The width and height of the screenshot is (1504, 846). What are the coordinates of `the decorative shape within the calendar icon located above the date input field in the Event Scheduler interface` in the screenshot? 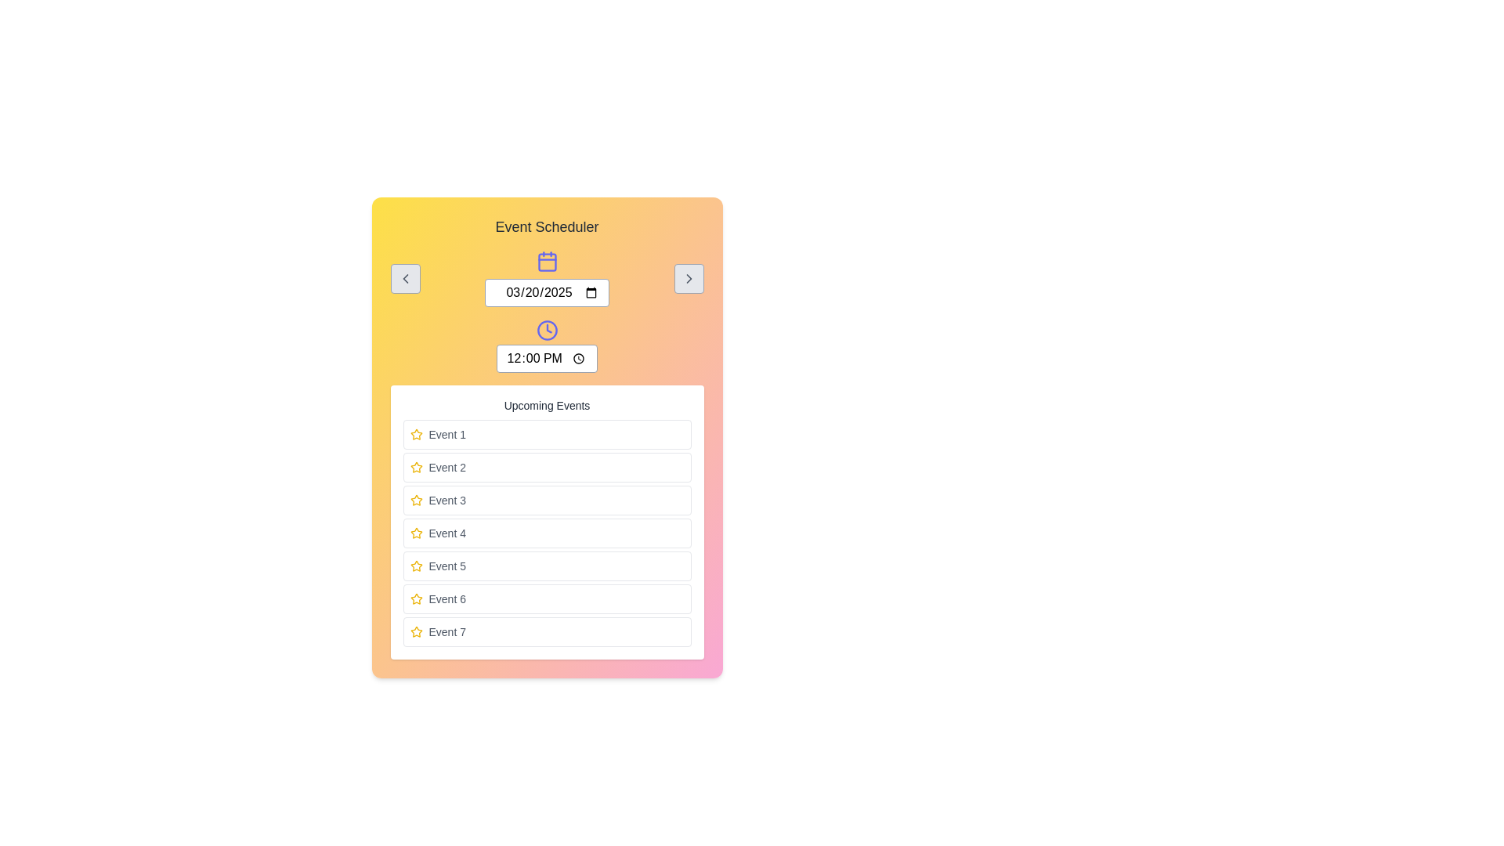 It's located at (547, 262).